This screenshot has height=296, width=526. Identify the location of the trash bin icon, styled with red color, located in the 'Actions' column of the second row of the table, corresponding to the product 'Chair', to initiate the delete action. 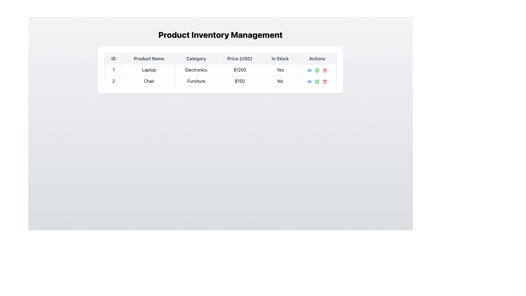
(325, 81).